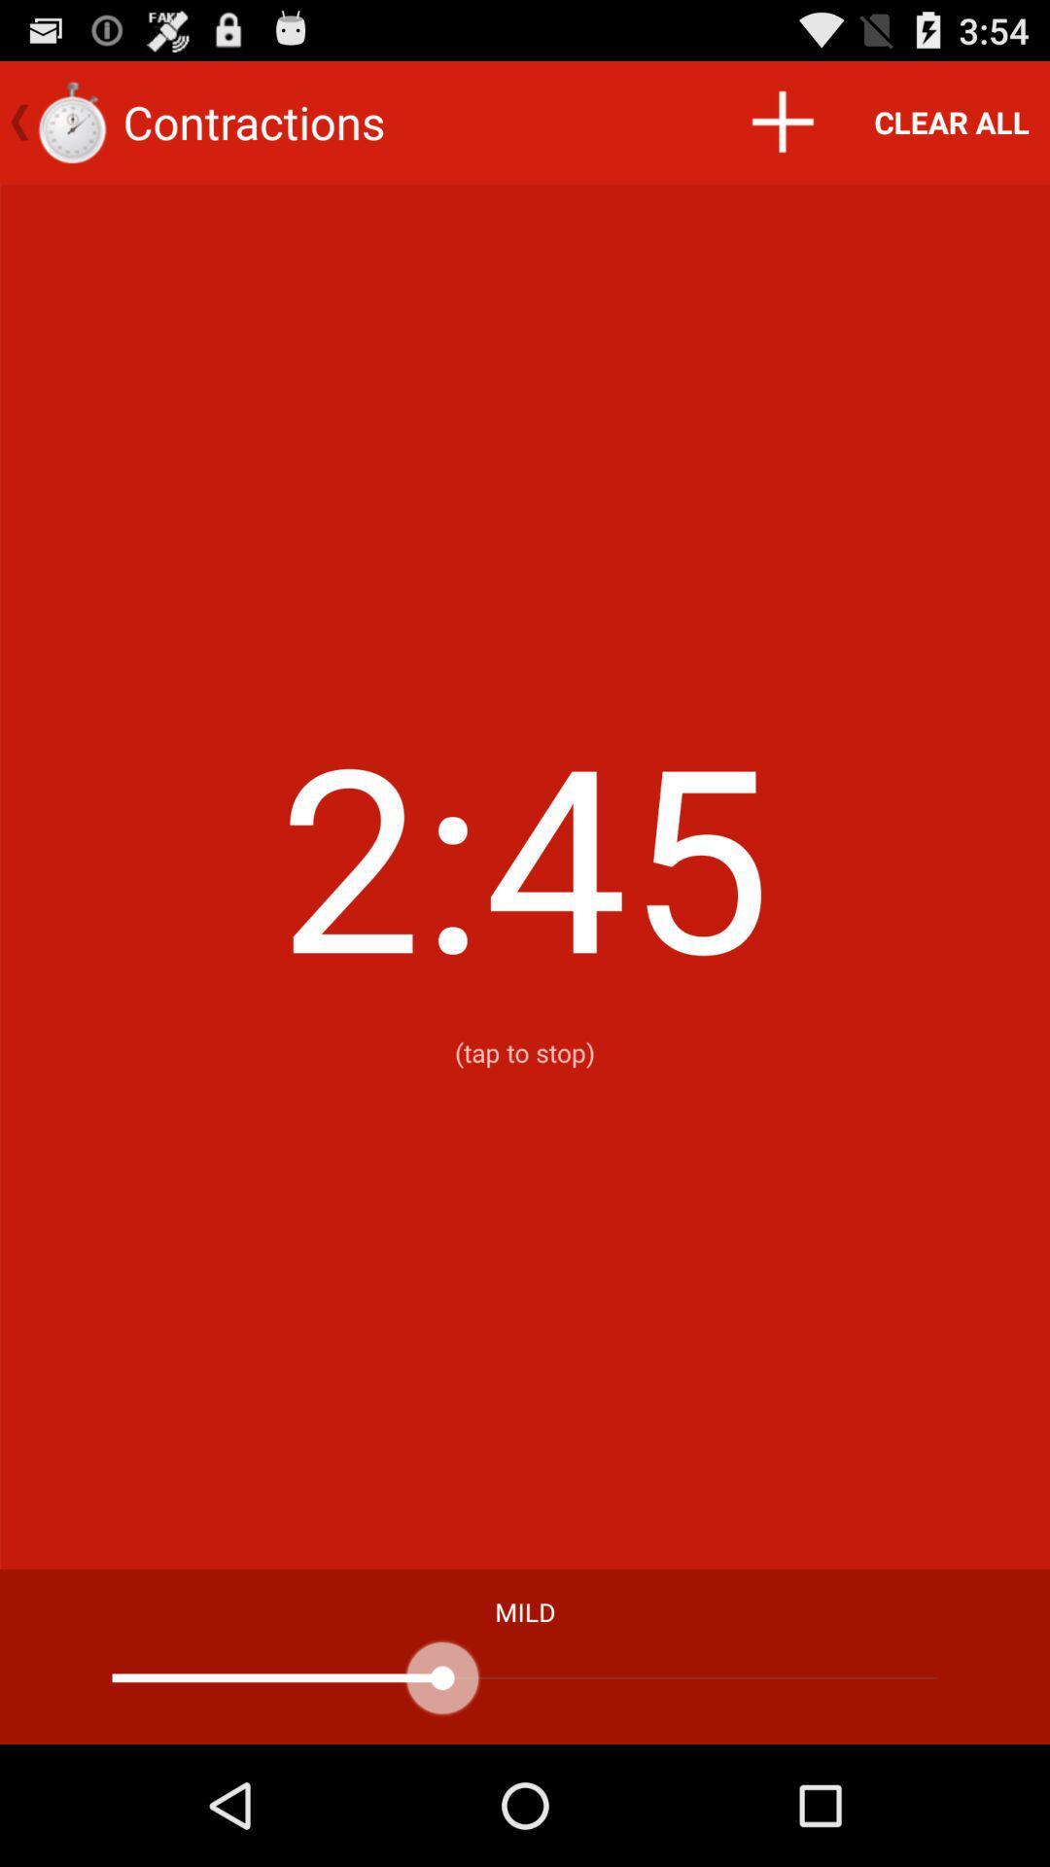 This screenshot has height=1867, width=1050. What do you see at coordinates (951, 121) in the screenshot?
I see `clear all icon` at bounding box center [951, 121].